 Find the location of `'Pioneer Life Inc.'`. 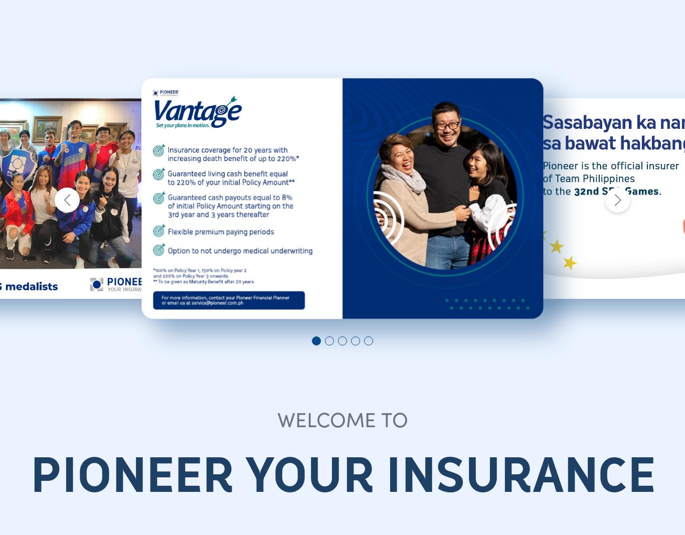

'Pioneer Life Inc.' is located at coordinates (415, 315).